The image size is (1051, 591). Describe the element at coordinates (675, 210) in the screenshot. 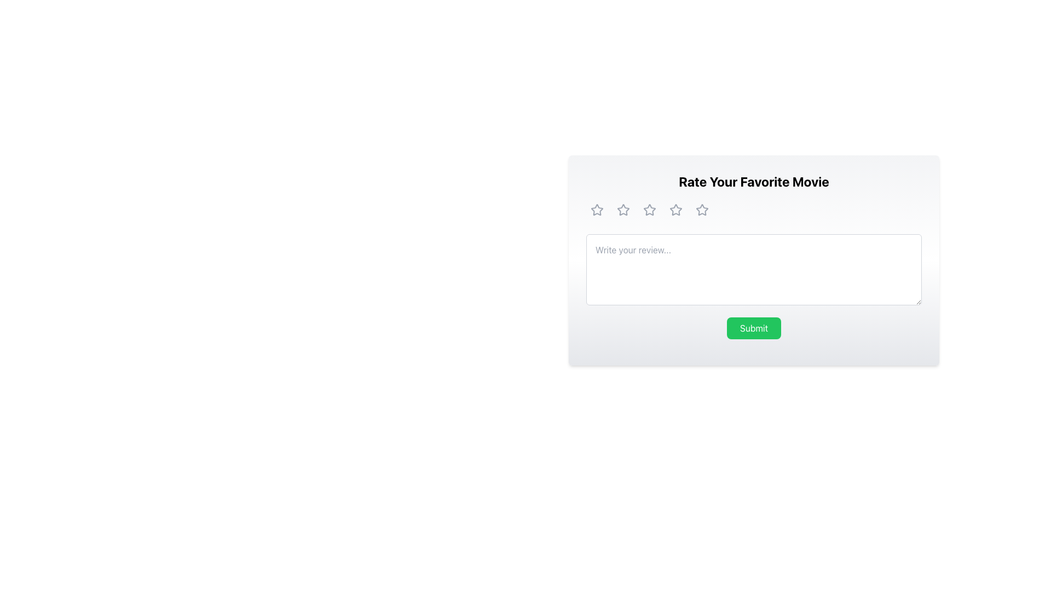

I see `the third star icon in the rating module under the heading 'Rate Your Favorite Movie'` at that location.